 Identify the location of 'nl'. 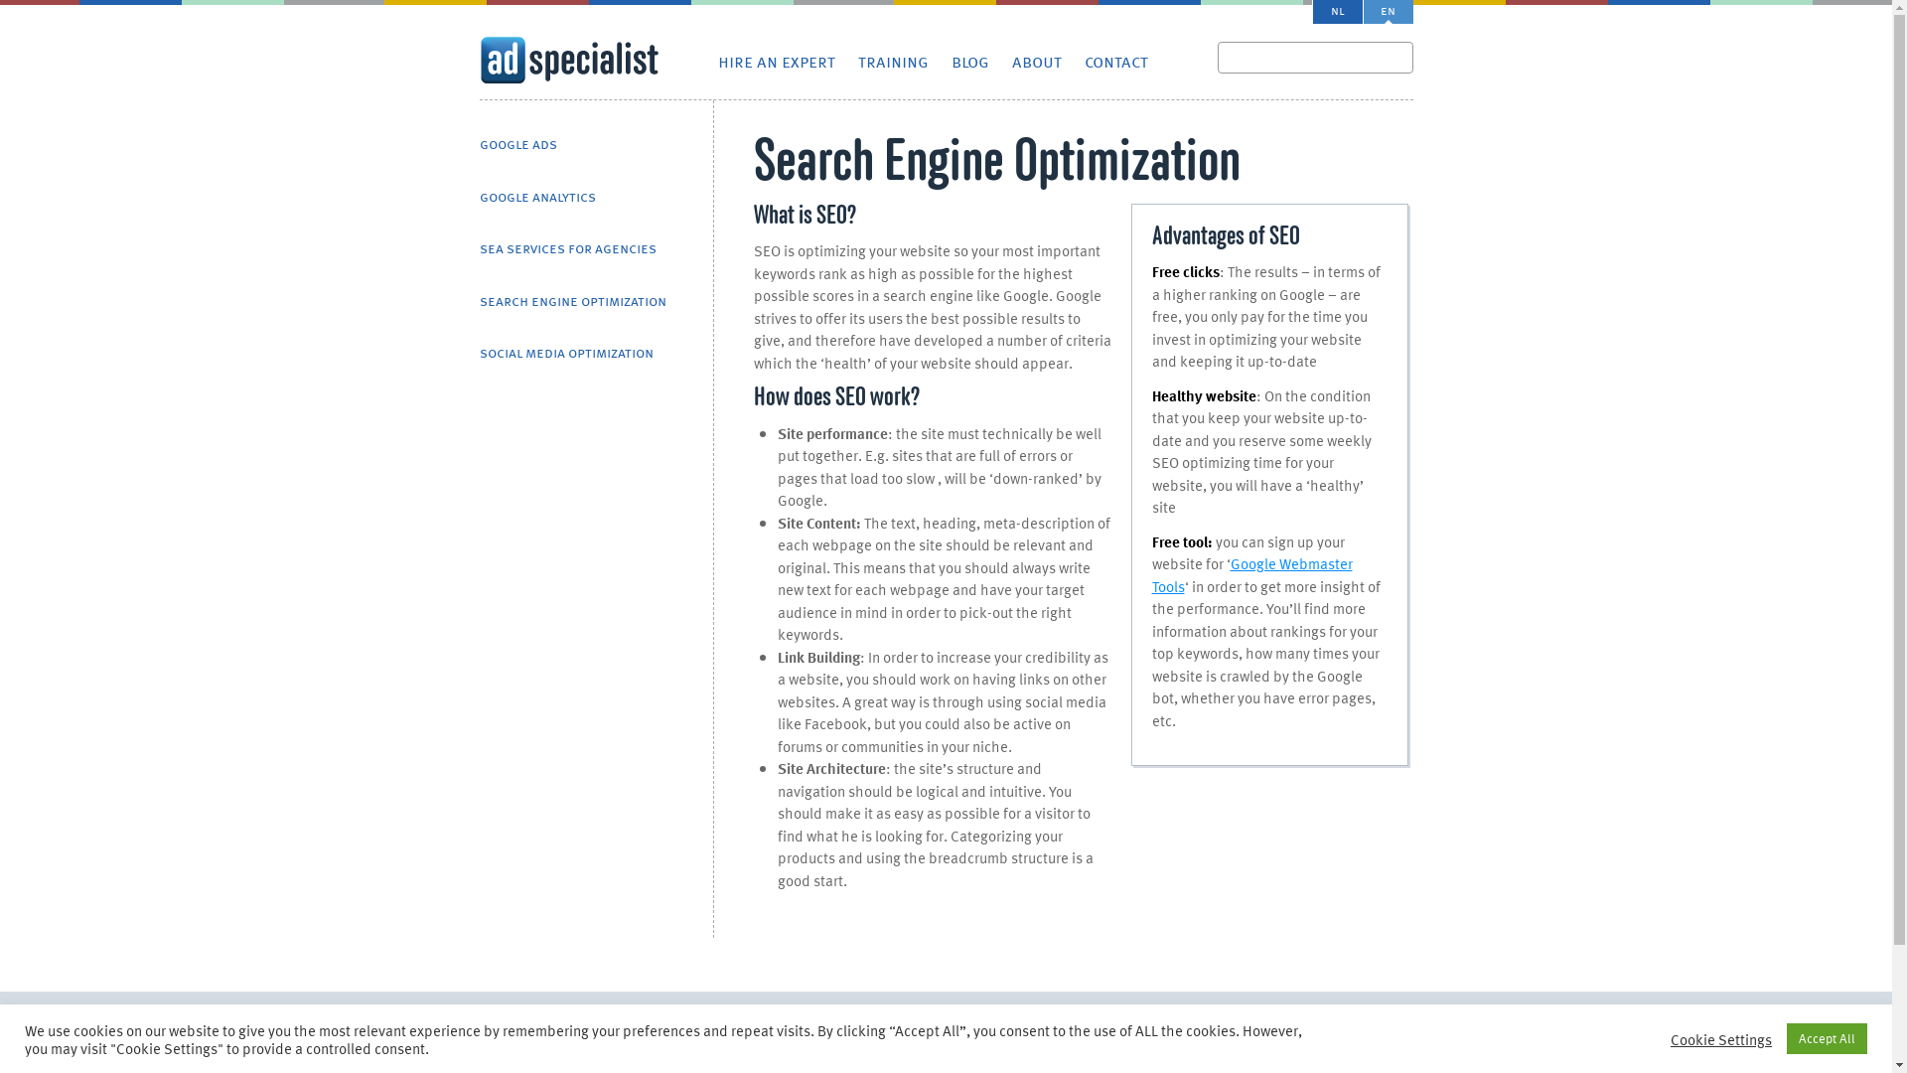
(1336, 11).